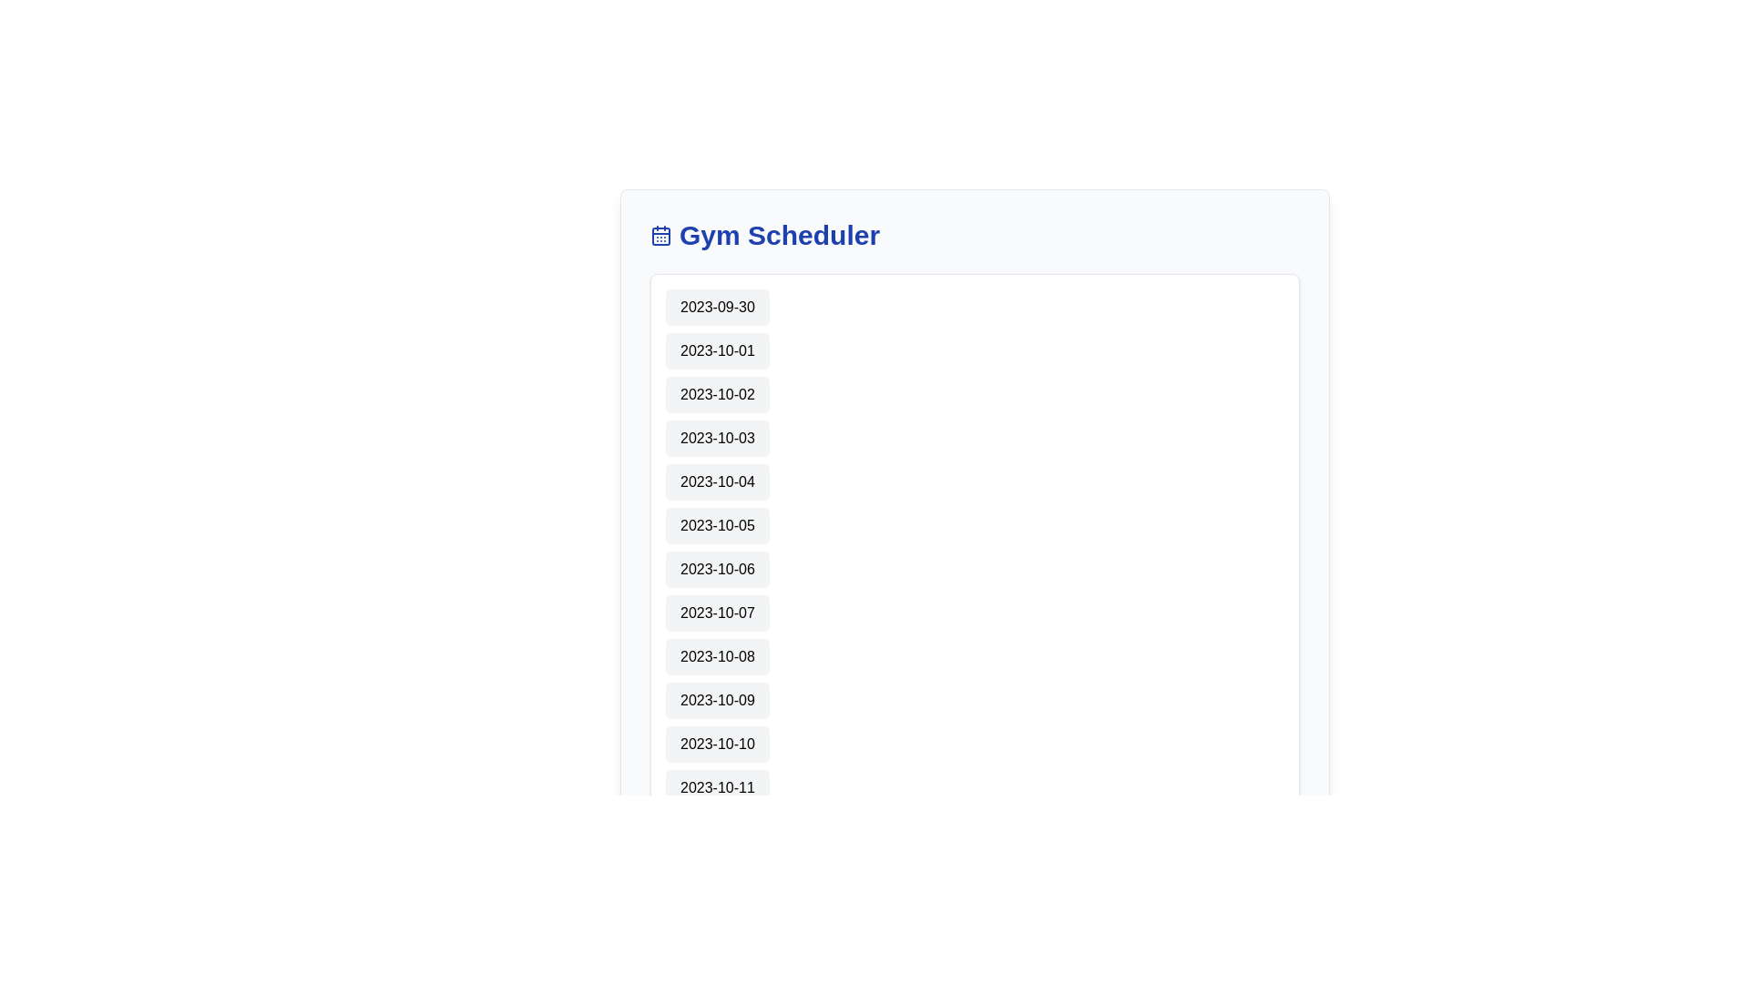  I want to click on the selectable date label that displays '2023-09-30', which is a rectangular button with rounded corners located at the top of a vertical list, so click(716, 307).